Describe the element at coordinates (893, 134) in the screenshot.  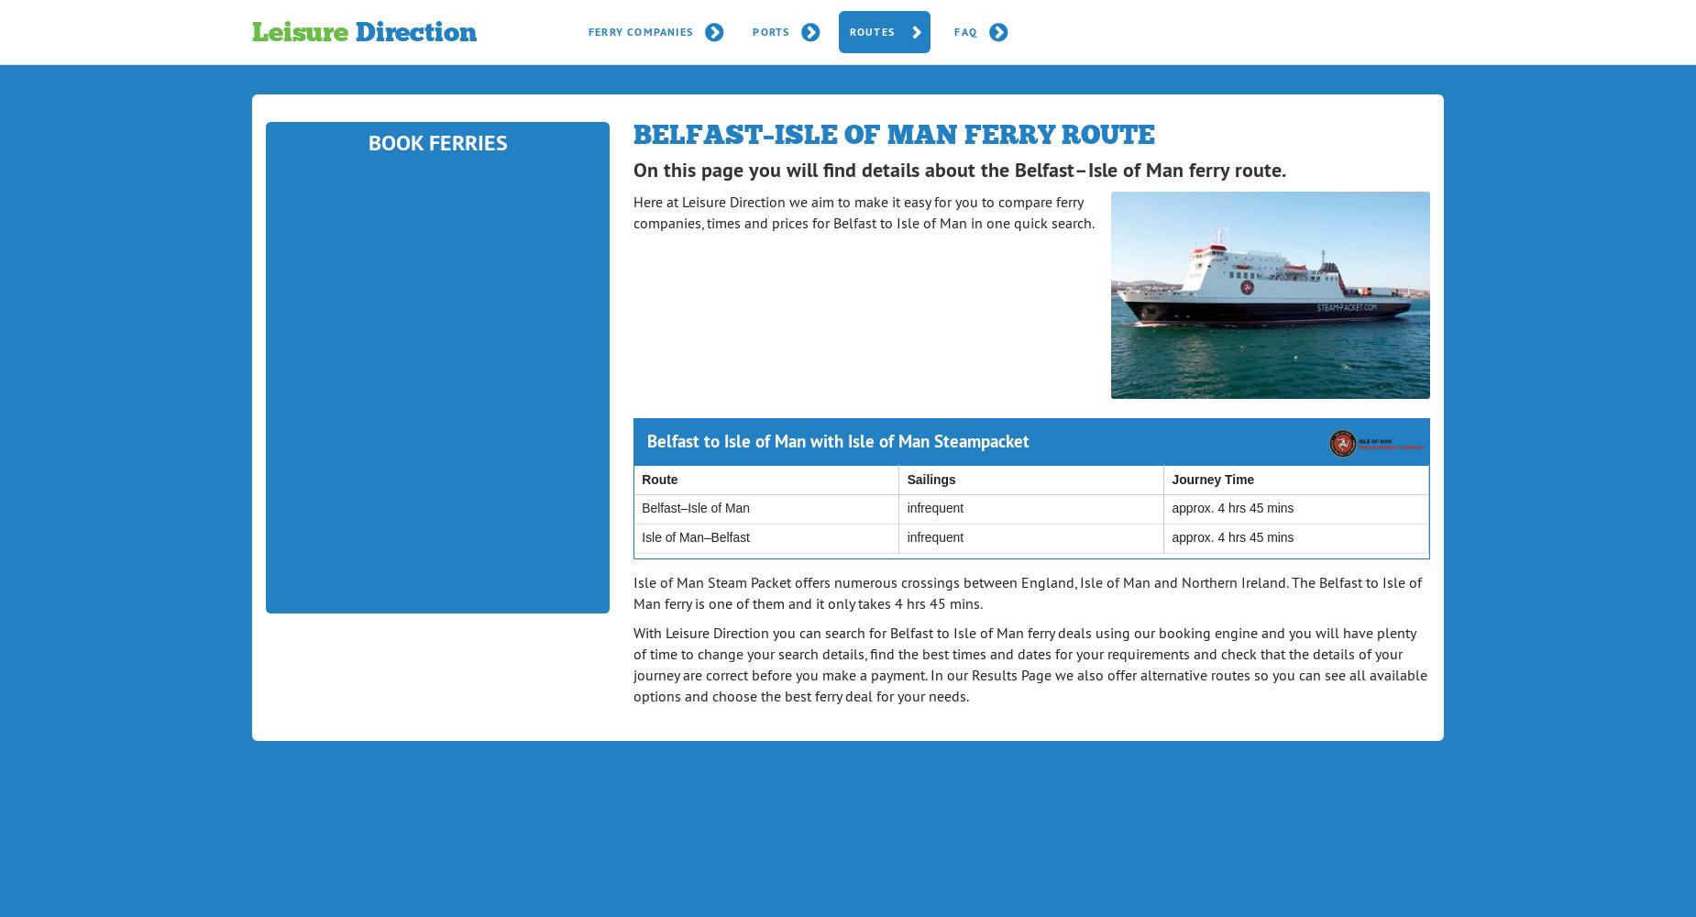
I see `'Belfast–Isle of Man Ferry Route'` at that location.